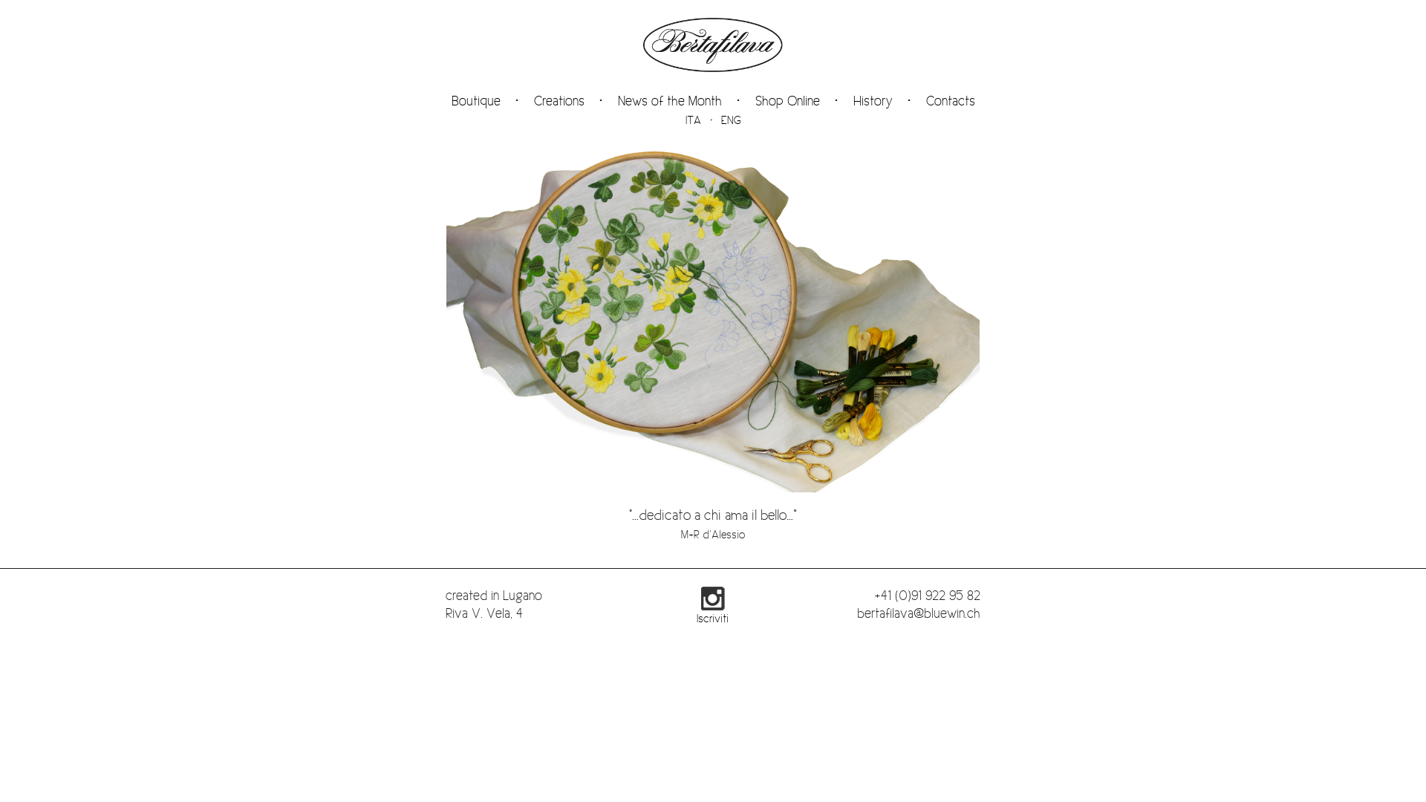  I want to click on 'ITA', so click(683, 120).